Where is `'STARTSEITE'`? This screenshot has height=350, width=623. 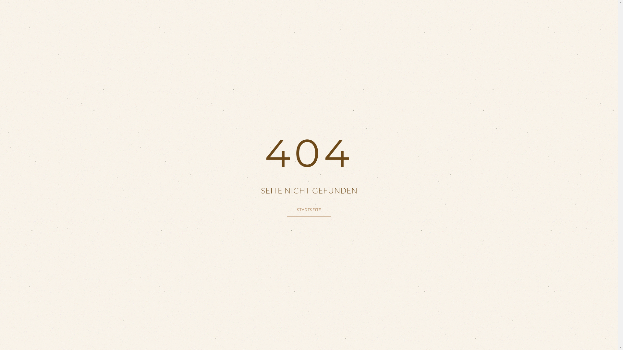
'STARTSEITE' is located at coordinates (286, 210).